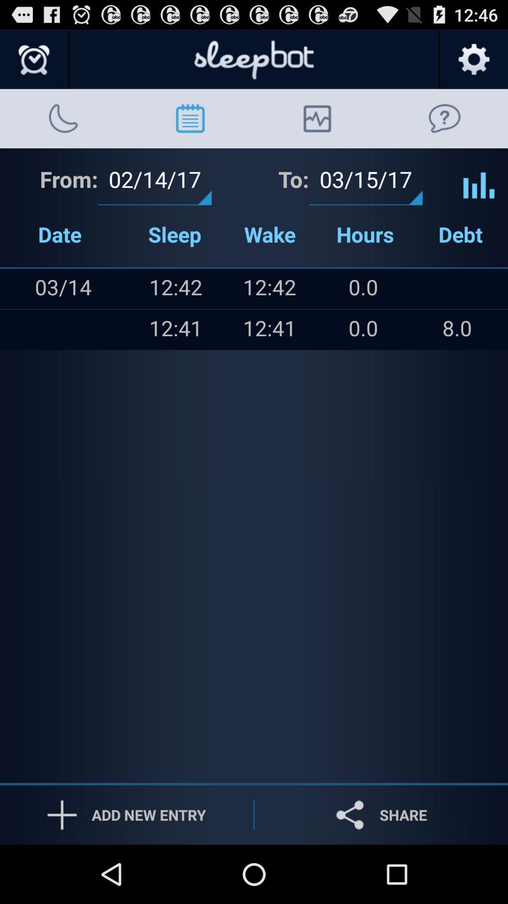 The width and height of the screenshot is (508, 904). What do you see at coordinates (479, 178) in the screenshot?
I see `click on the graph` at bounding box center [479, 178].